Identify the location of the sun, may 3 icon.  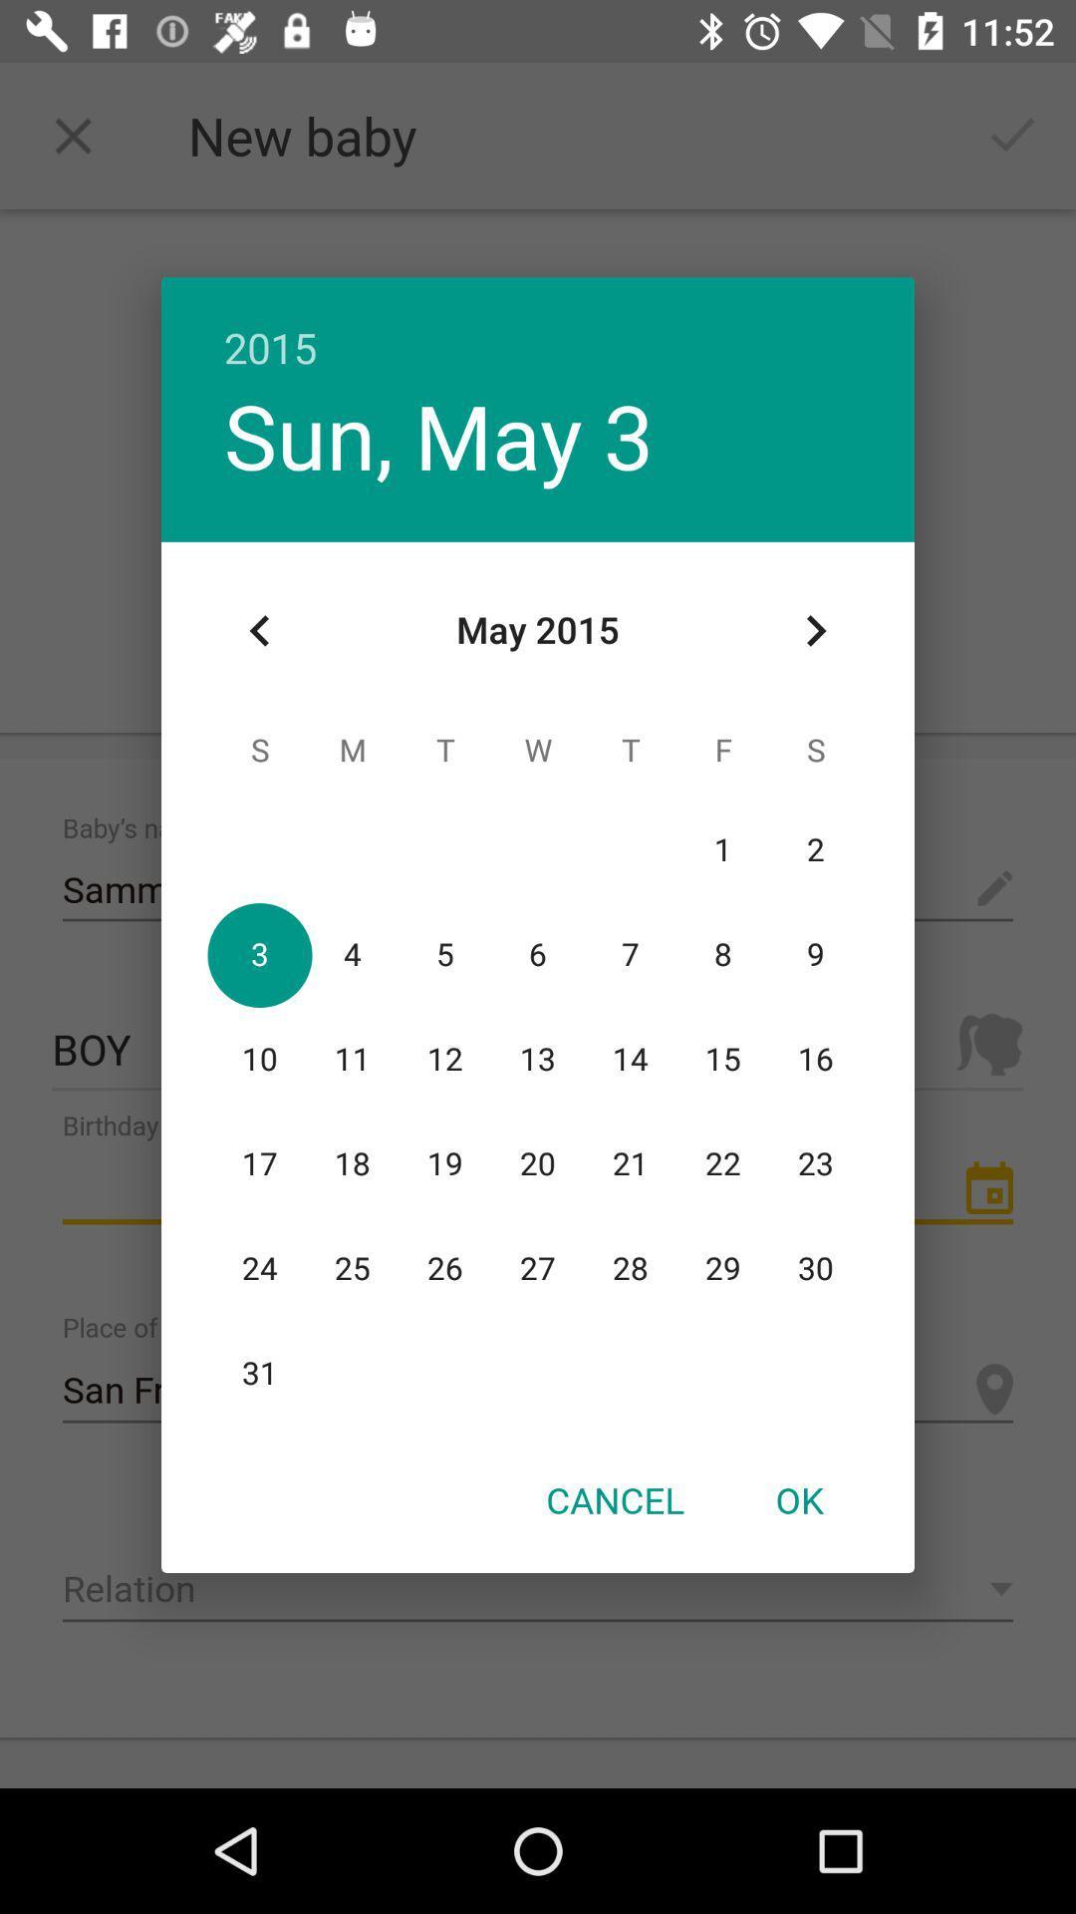
(437, 434).